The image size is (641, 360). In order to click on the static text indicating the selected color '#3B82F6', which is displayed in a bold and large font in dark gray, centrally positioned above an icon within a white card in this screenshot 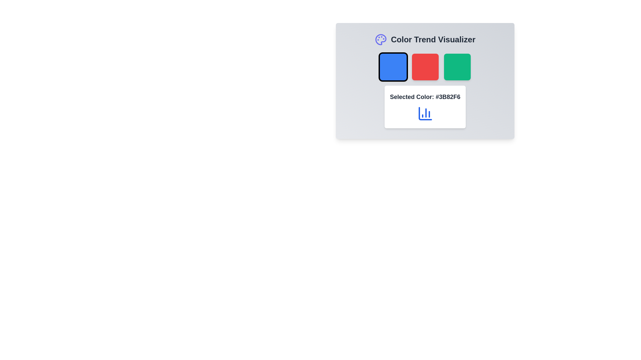, I will do `click(425, 97)`.